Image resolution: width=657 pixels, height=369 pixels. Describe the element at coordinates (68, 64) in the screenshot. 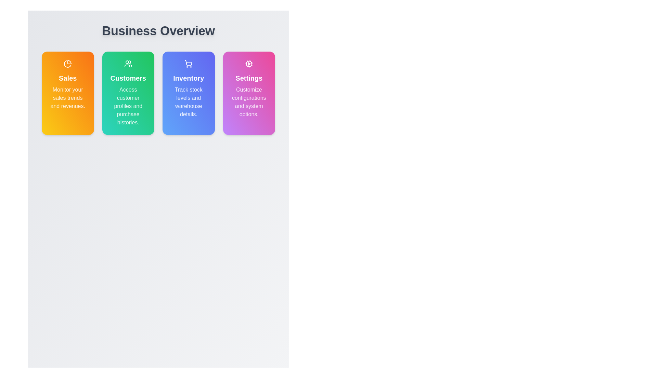

I see `the orange circular icon resembling a pie chart located in the top section of the 'Sales' block, which is central within the orange rectangular area with rounded corners` at that location.